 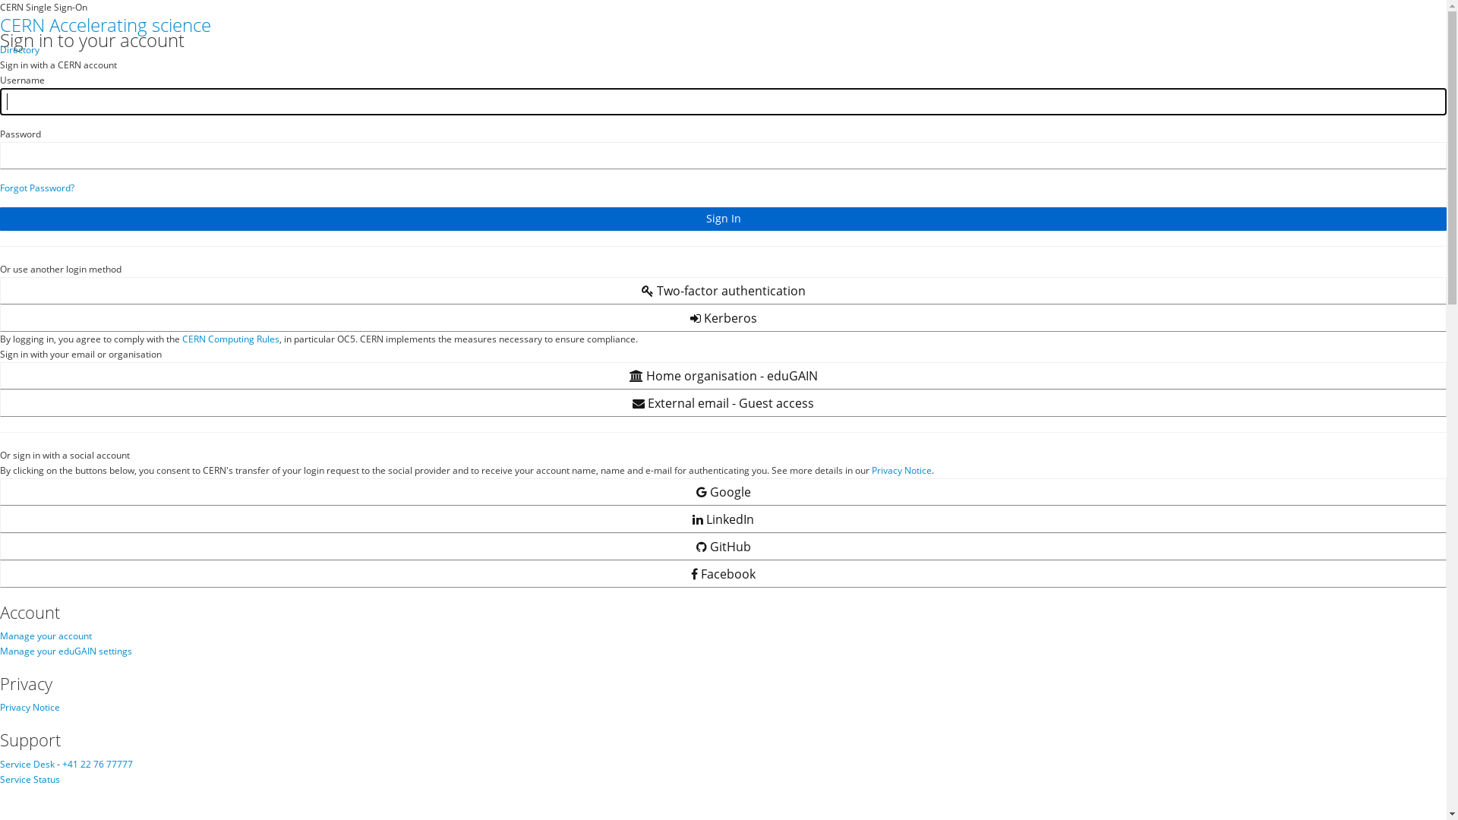 I want to click on 'Manage your account', so click(x=46, y=635).